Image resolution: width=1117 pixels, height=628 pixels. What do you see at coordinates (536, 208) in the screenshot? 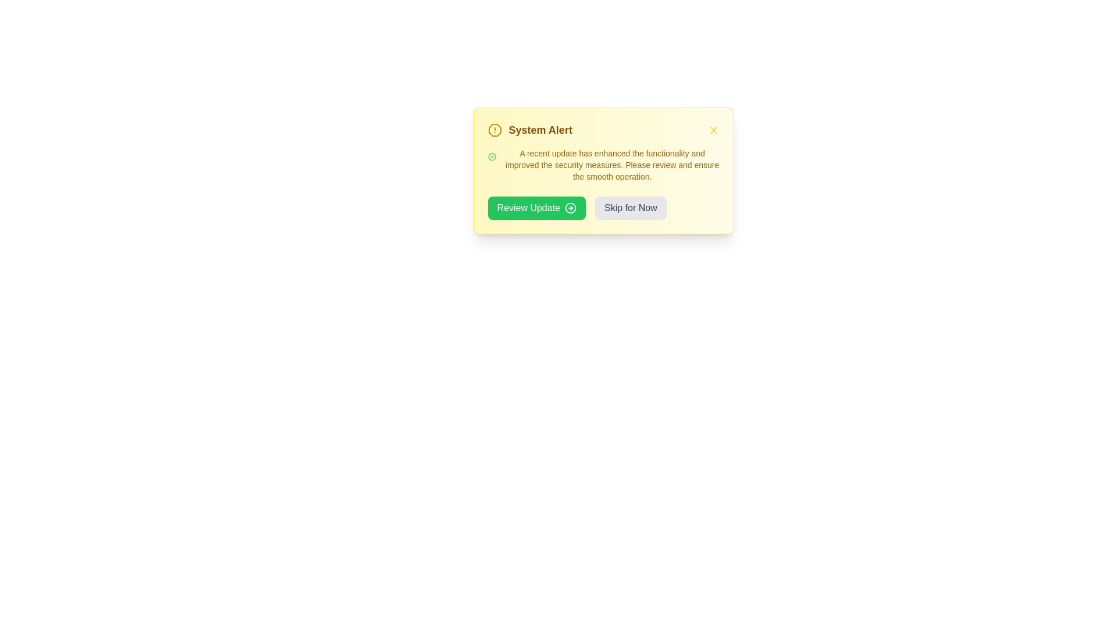
I see `the 'Review Update' button` at bounding box center [536, 208].